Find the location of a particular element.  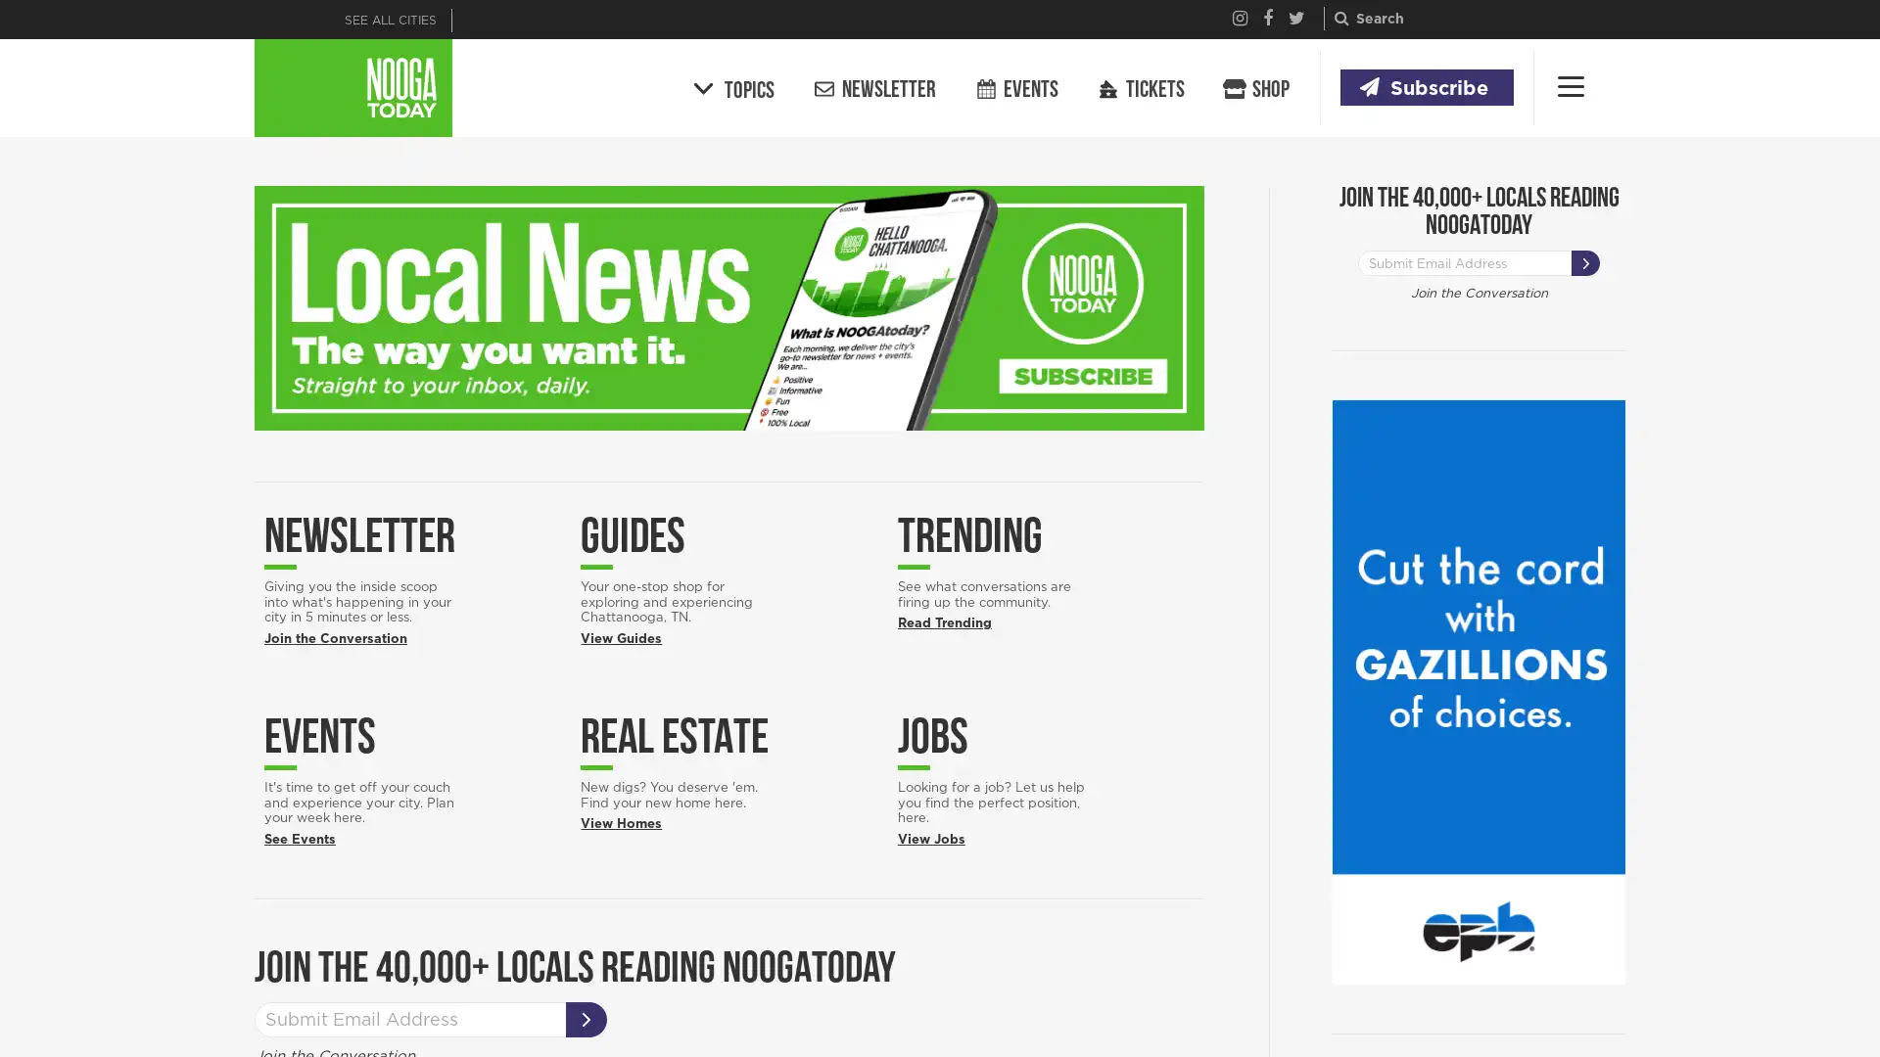

SUBSCRIBE is located at coordinates (1585, 262).